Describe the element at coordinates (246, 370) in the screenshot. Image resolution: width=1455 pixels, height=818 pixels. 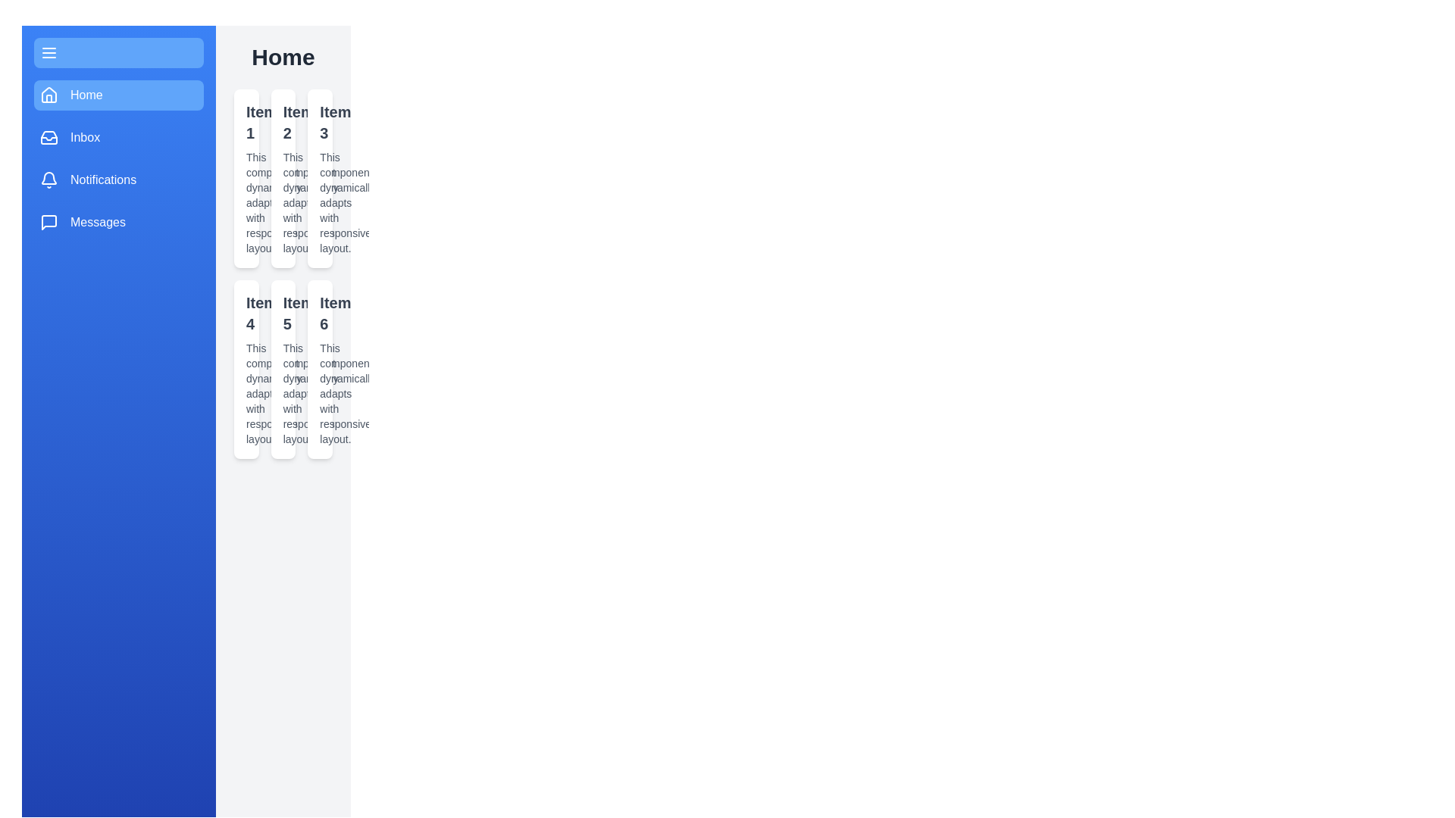
I see `the card component labeled 'Item 4' which is a rectangular white card with rounded corners, located in the second row and first column of a three-column grid layout` at that location.